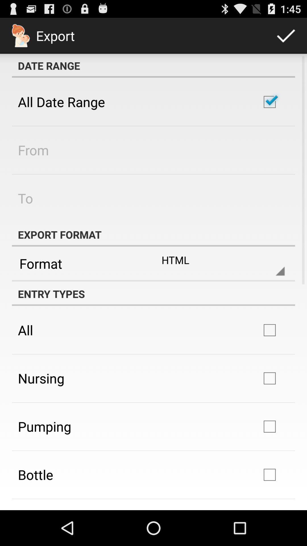  What do you see at coordinates (286, 35) in the screenshot?
I see `the item next to export icon` at bounding box center [286, 35].